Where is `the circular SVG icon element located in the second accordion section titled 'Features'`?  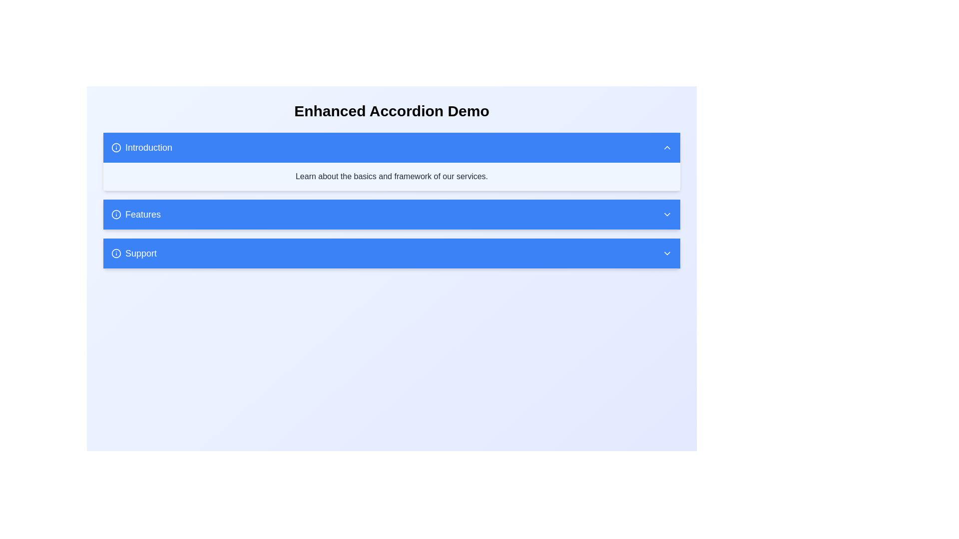 the circular SVG icon element located in the second accordion section titled 'Features' is located at coordinates (116, 214).